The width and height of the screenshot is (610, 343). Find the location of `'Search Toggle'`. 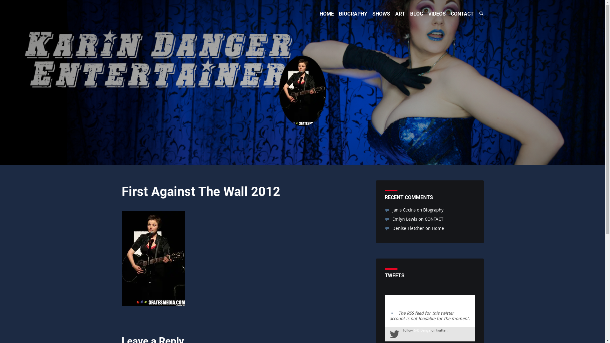

'Search Toggle' is located at coordinates (478, 14).